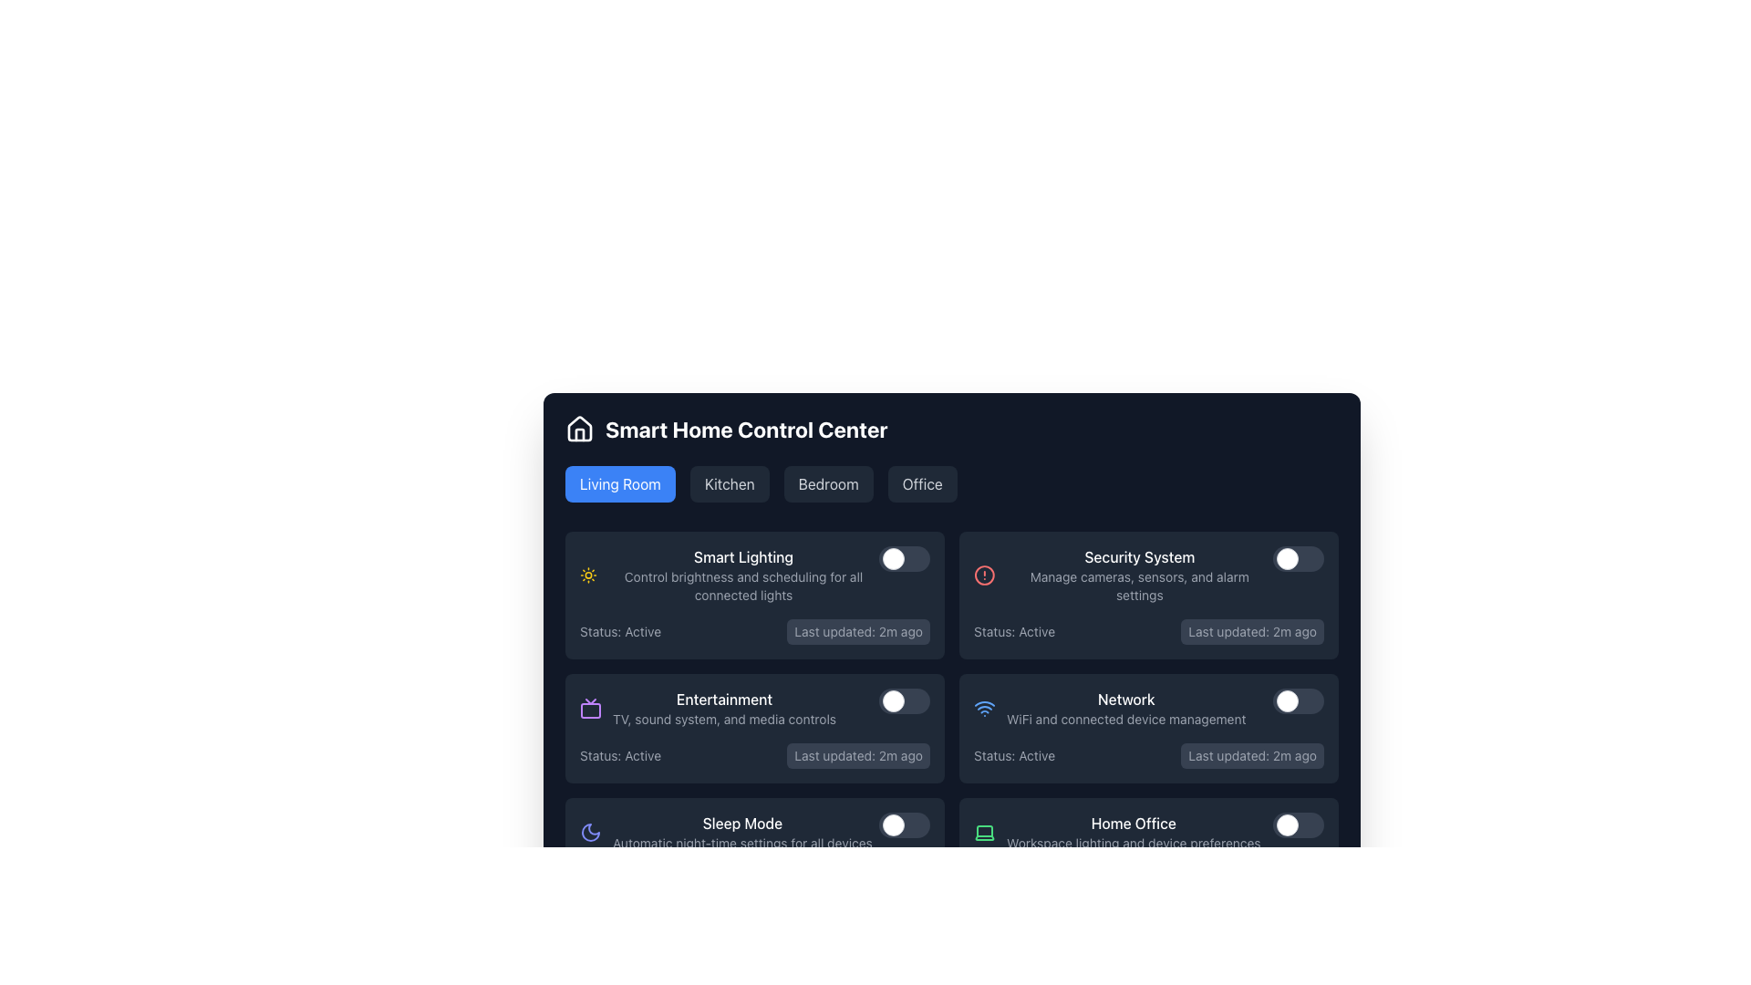 The image size is (1751, 985). Describe the element at coordinates (984, 833) in the screenshot. I see `the 'Home Office' icon, which serves as a visual identifier for the Home Office section located in the bottom right of the grid layout` at that location.